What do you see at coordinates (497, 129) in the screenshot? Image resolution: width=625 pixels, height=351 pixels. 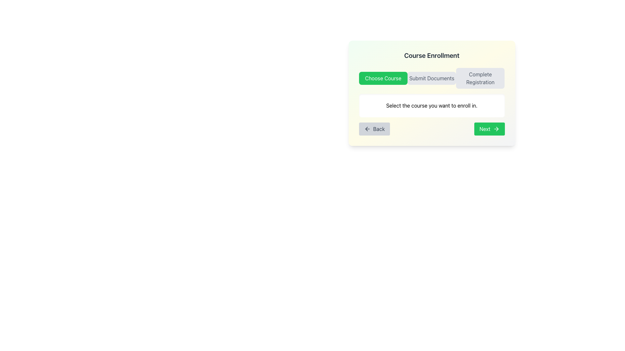 I see `the arrowhead icon indicating navigation on the 'Next' button located at the bottom-right corner of the 'Course Enrollment' card for visual feedback` at bounding box center [497, 129].